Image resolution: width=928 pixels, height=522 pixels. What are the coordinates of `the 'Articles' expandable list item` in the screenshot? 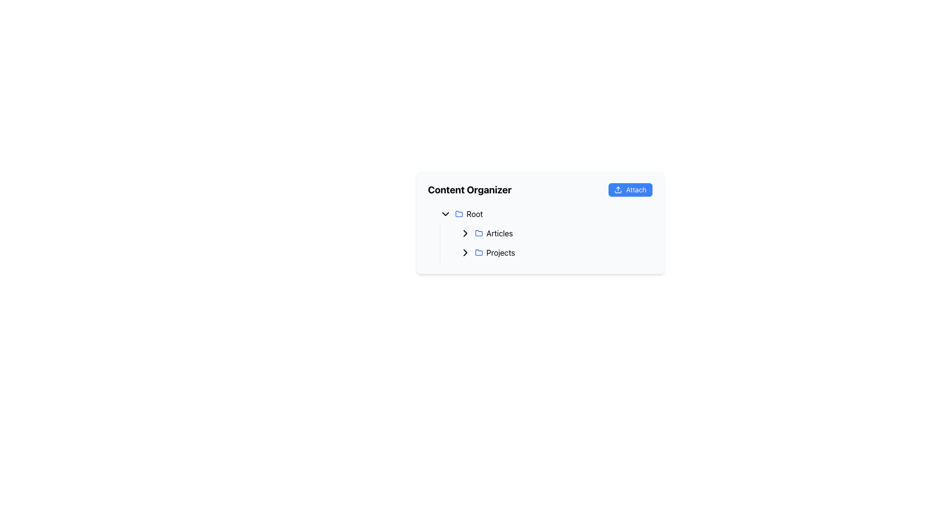 It's located at (550, 233).